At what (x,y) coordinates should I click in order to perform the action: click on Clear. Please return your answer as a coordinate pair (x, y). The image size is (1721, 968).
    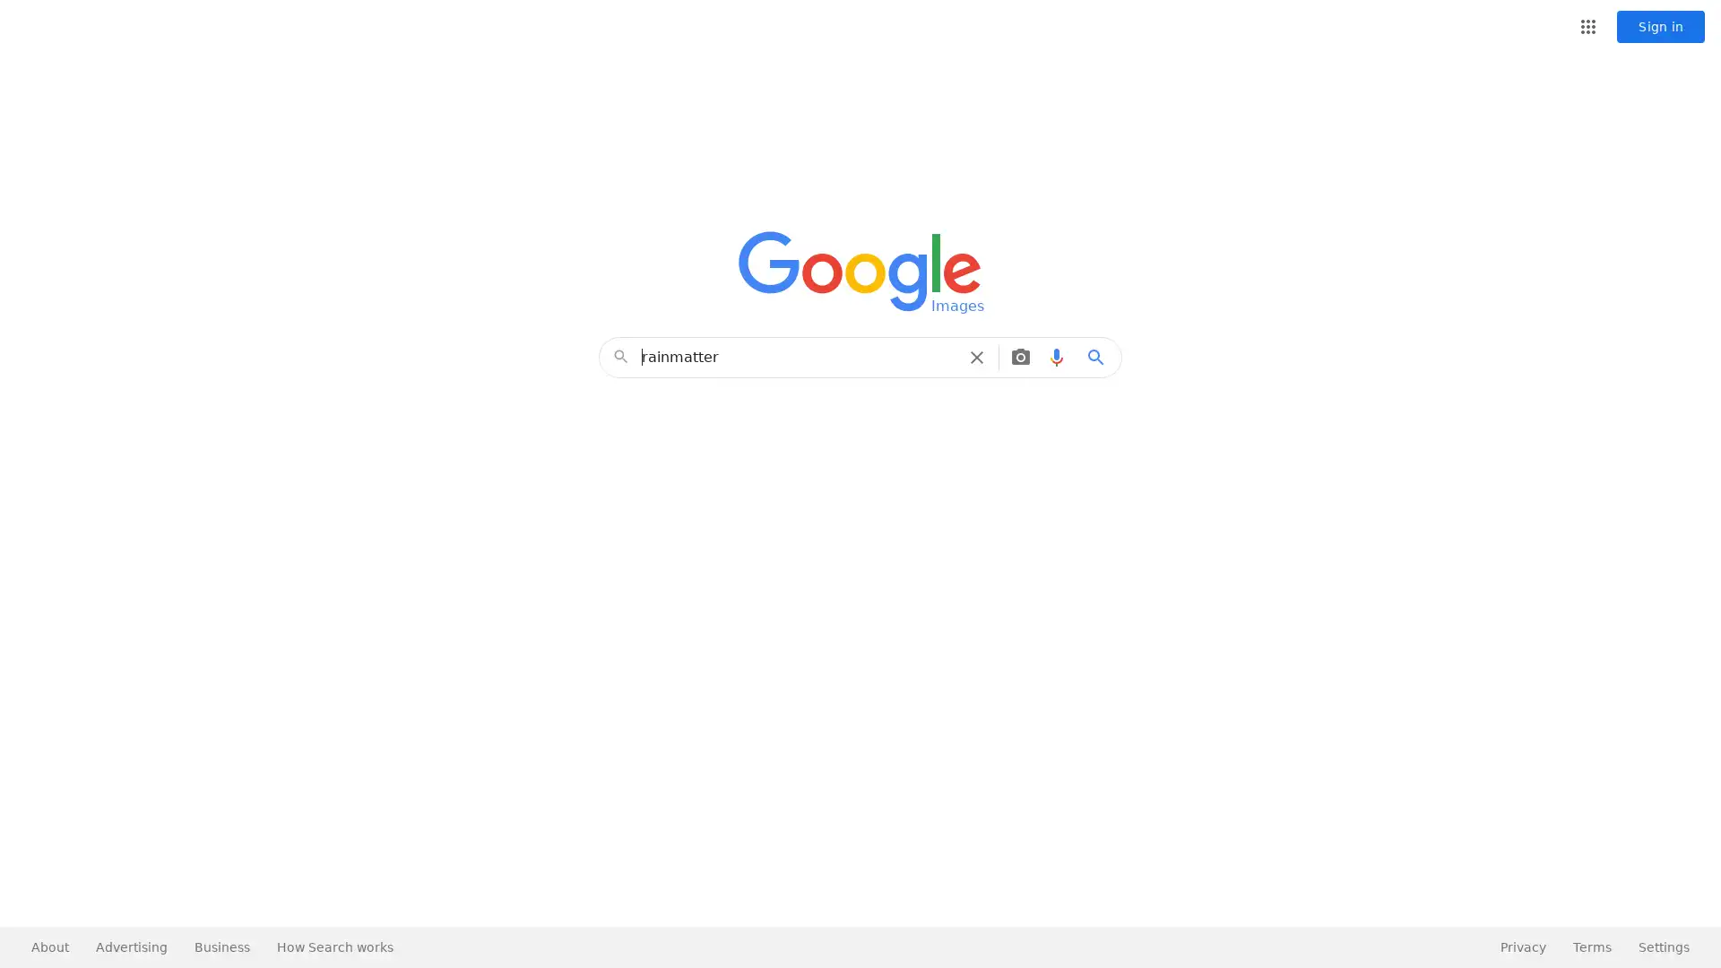
    Looking at the image, I should click on (975, 357).